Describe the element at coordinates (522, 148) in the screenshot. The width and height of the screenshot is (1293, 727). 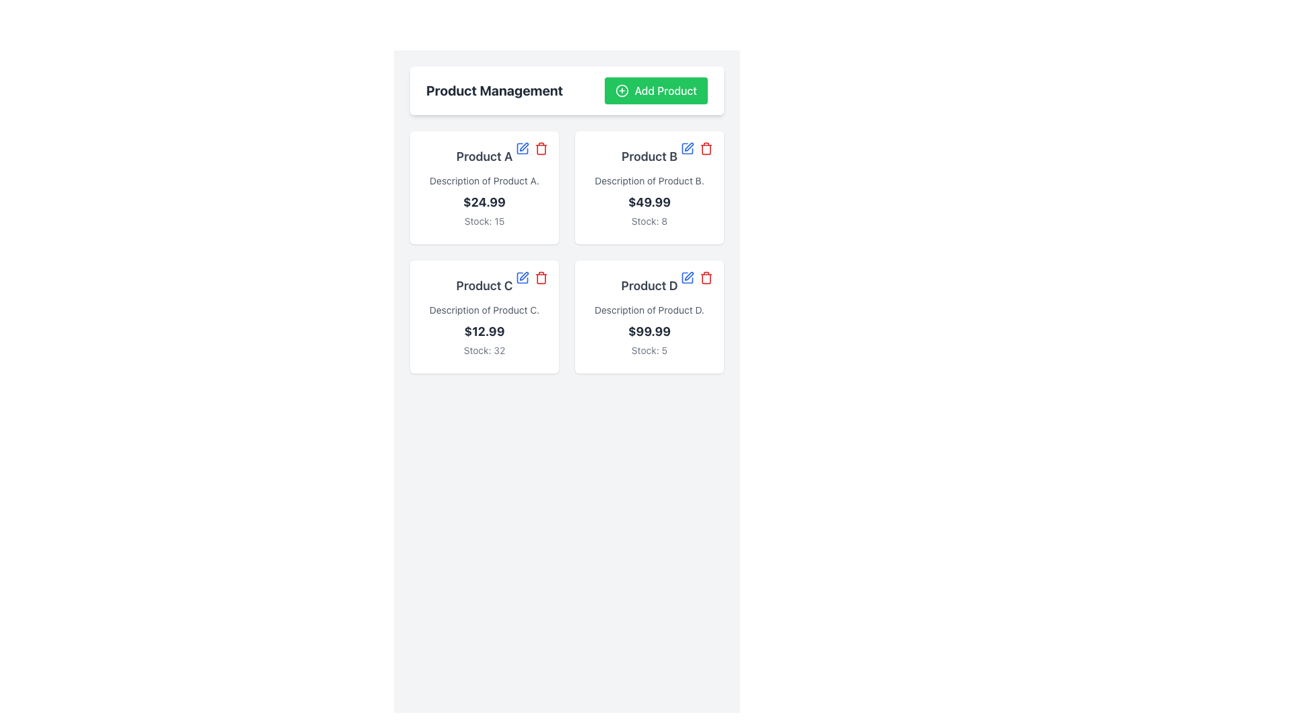
I see `the blue pen icon button located in the top-right corner of the card layout for 'Product A', which is adjacent to a red trash can icon` at that location.